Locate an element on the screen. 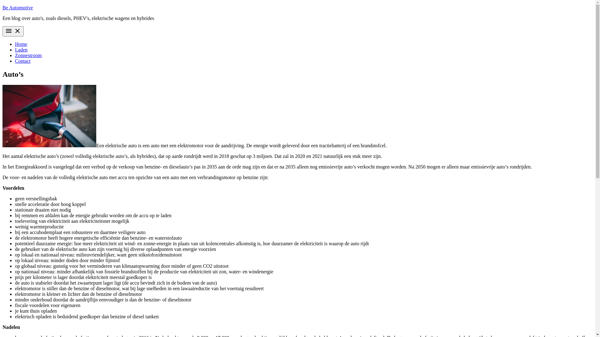 The width and height of the screenshot is (600, 337). 'Skip to content' is located at coordinates (2, 5).